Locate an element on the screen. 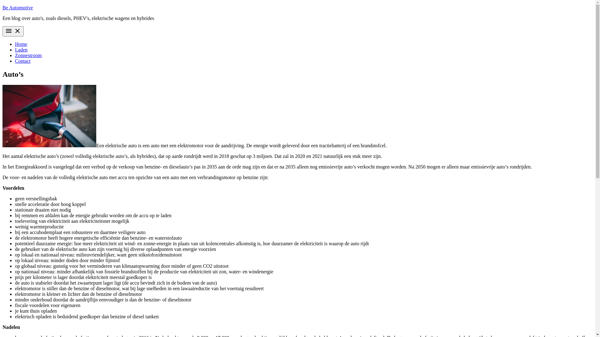 The width and height of the screenshot is (600, 337). 'Skip to content' is located at coordinates (2, 5).